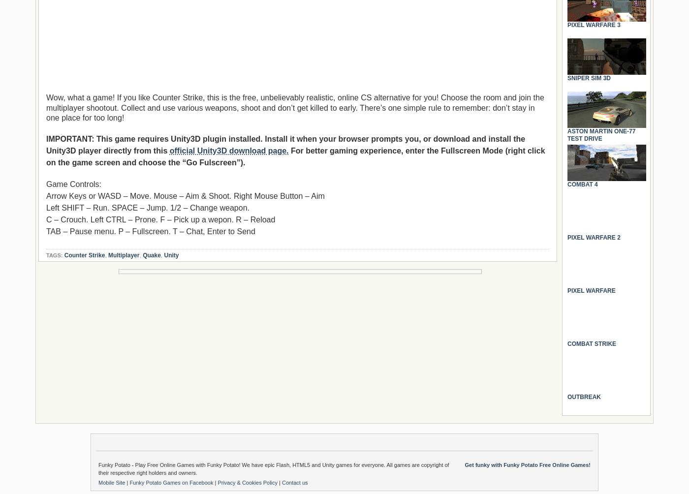 The width and height of the screenshot is (689, 494). I want to click on 'Mobile Site', so click(112, 482).